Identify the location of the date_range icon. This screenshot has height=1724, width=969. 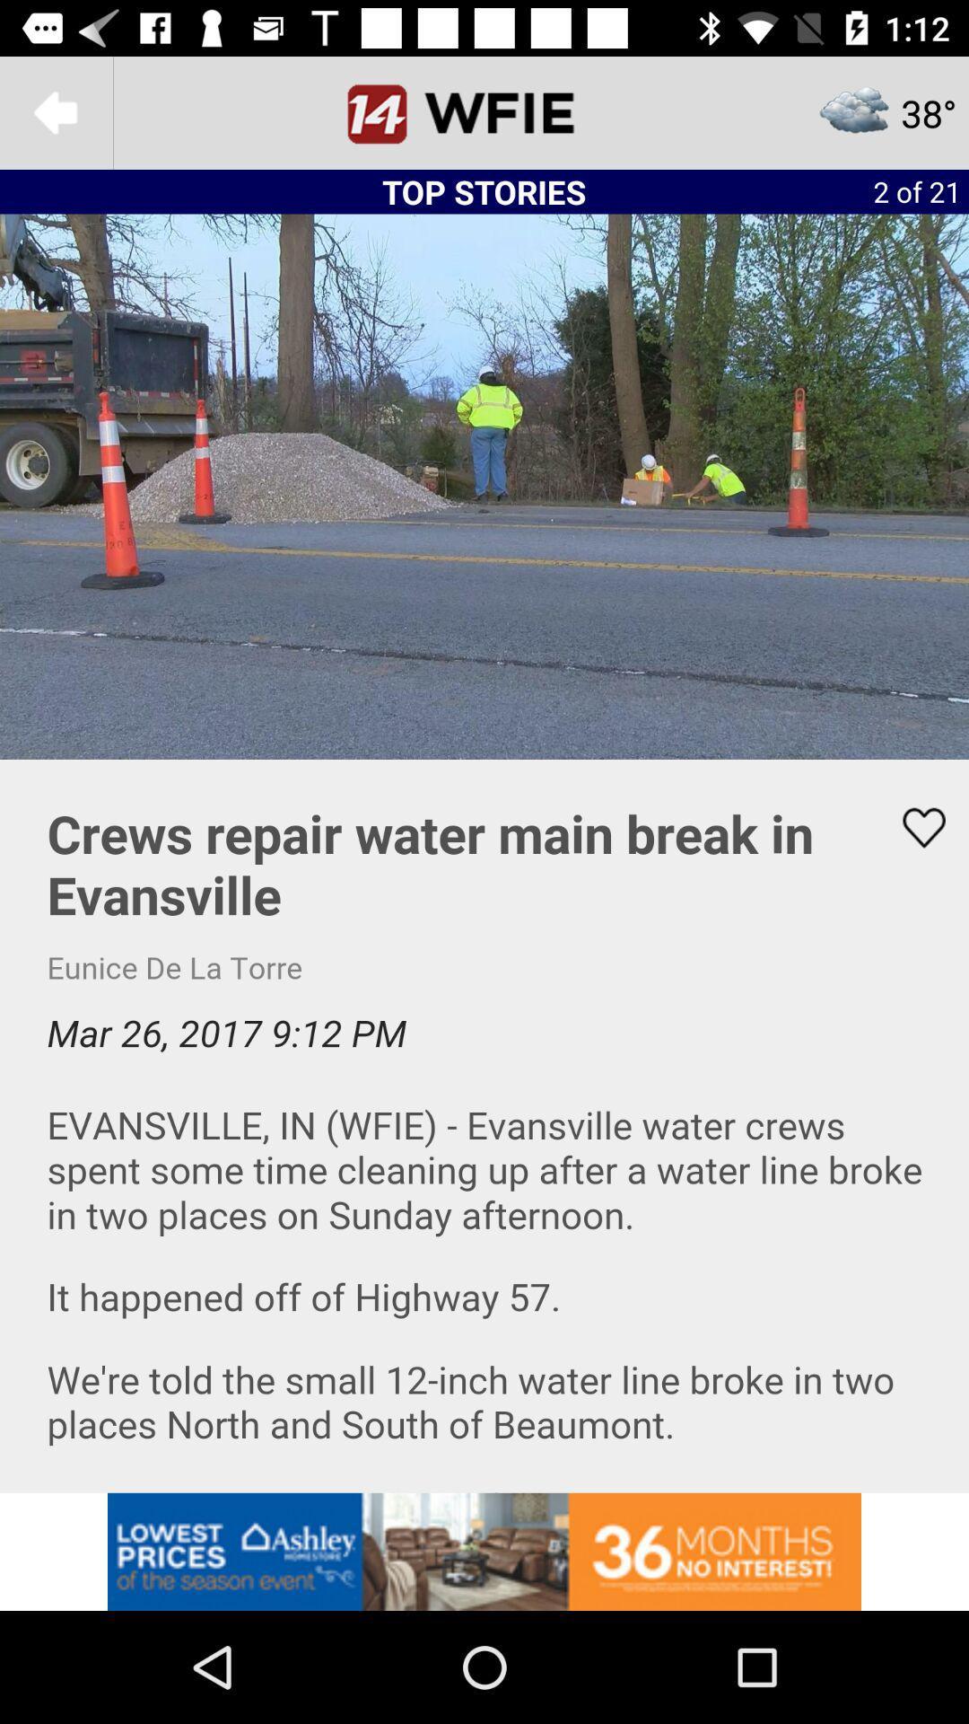
(484, 111).